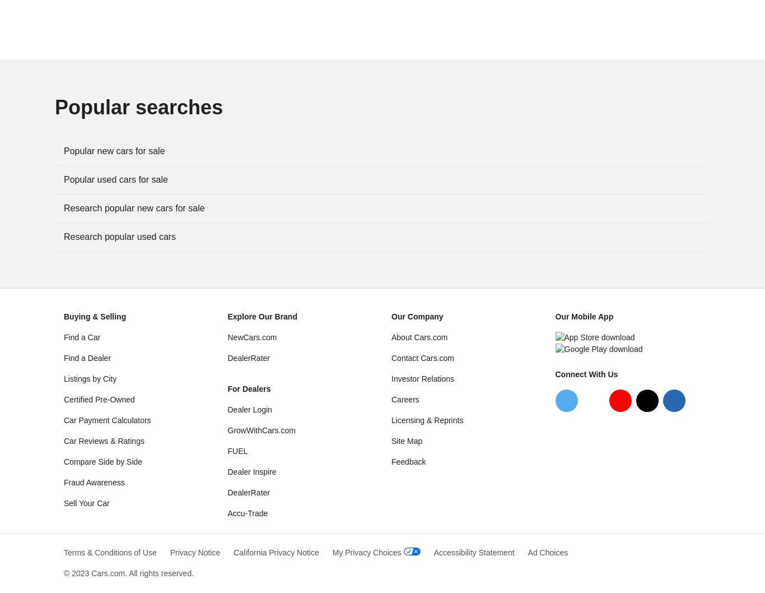 Image resolution: width=765 pixels, height=593 pixels. What do you see at coordinates (391, 316) in the screenshot?
I see `'Our Company'` at bounding box center [391, 316].